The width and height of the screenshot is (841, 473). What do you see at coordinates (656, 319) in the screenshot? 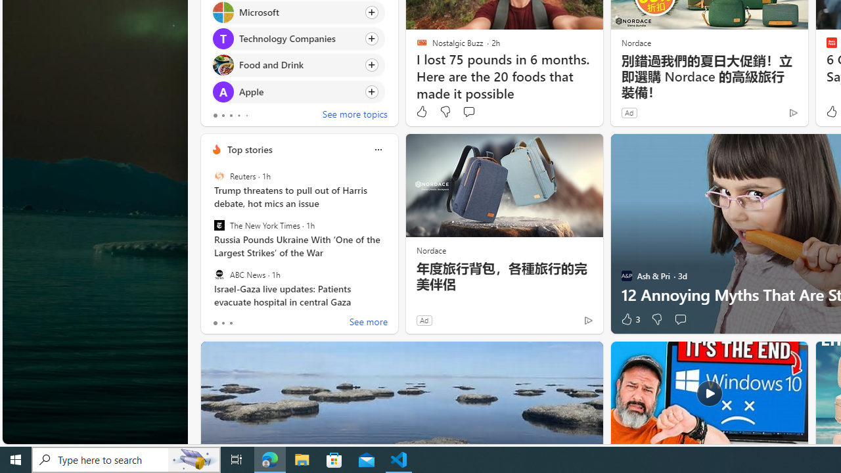
I see `'Dislike'` at bounding box center [656, 319].